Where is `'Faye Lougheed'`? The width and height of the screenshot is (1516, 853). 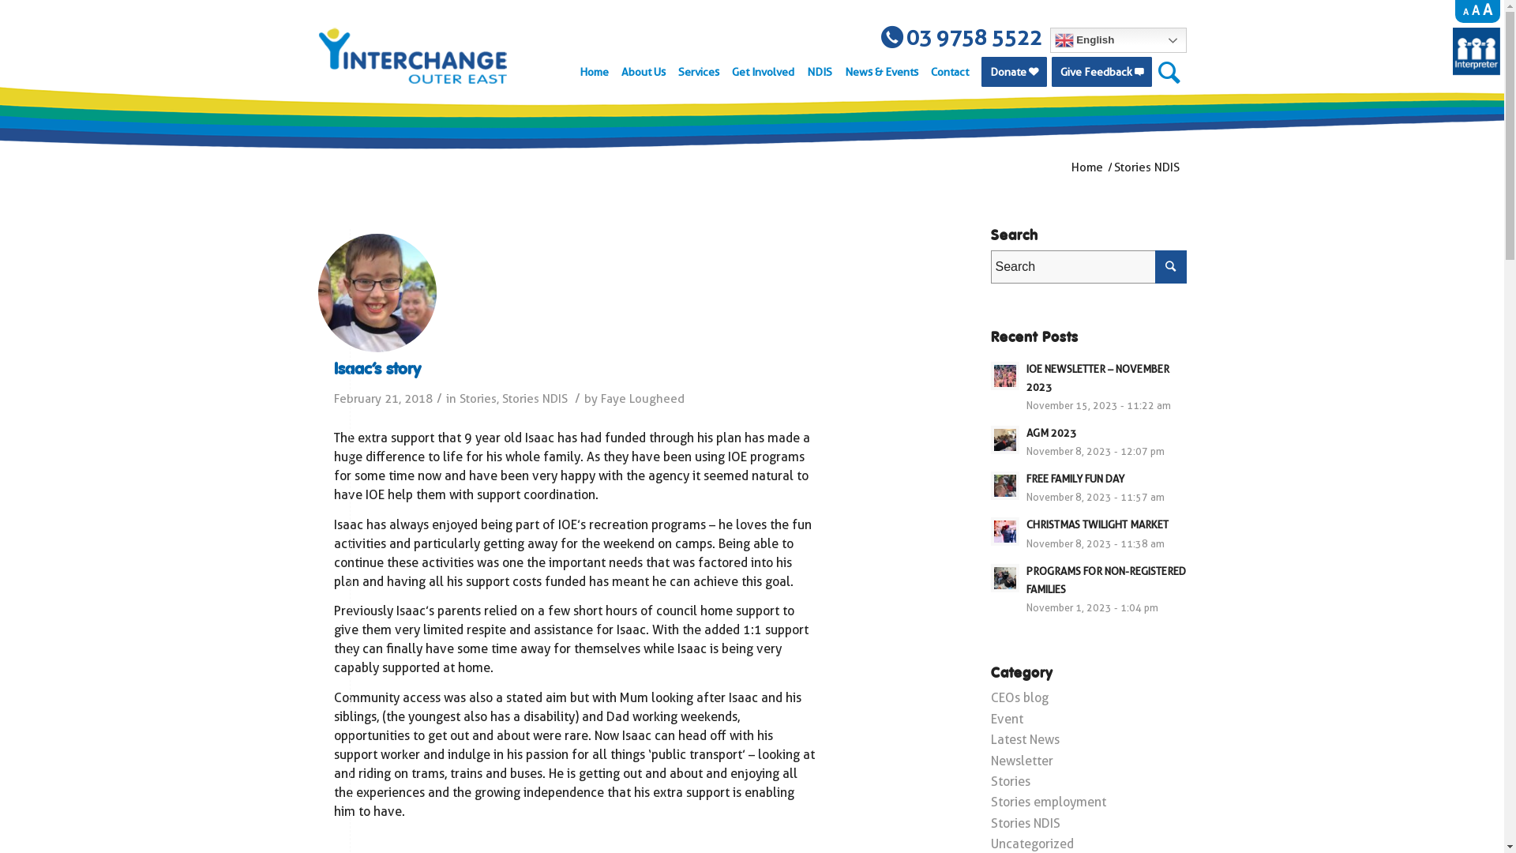
'Faye Lougheed' is located at coordinates (641, 398).